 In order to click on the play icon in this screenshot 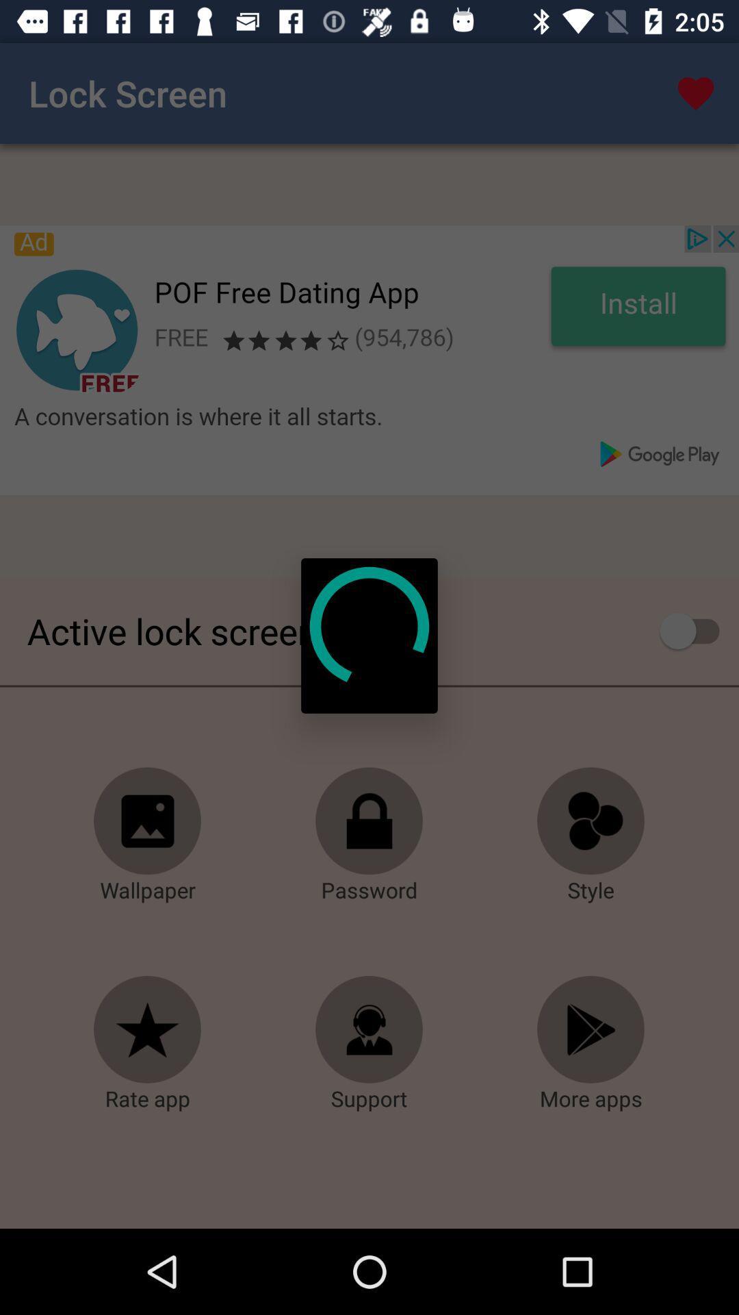, I will do `click(591, 1029)`.